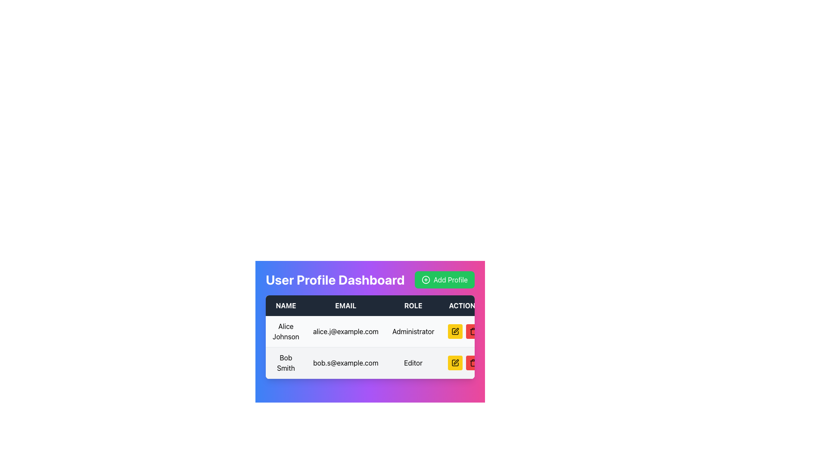 Image resolution: width=827 pixels, height=465 pixels. I want to click on the label that identifies the first column of the user table, which corresponds to the users' names. This label is located in the first cell of the header row, before the 'EMAIL,' 'ROLE,' and 'ACTION' labels, so click(286, 305).